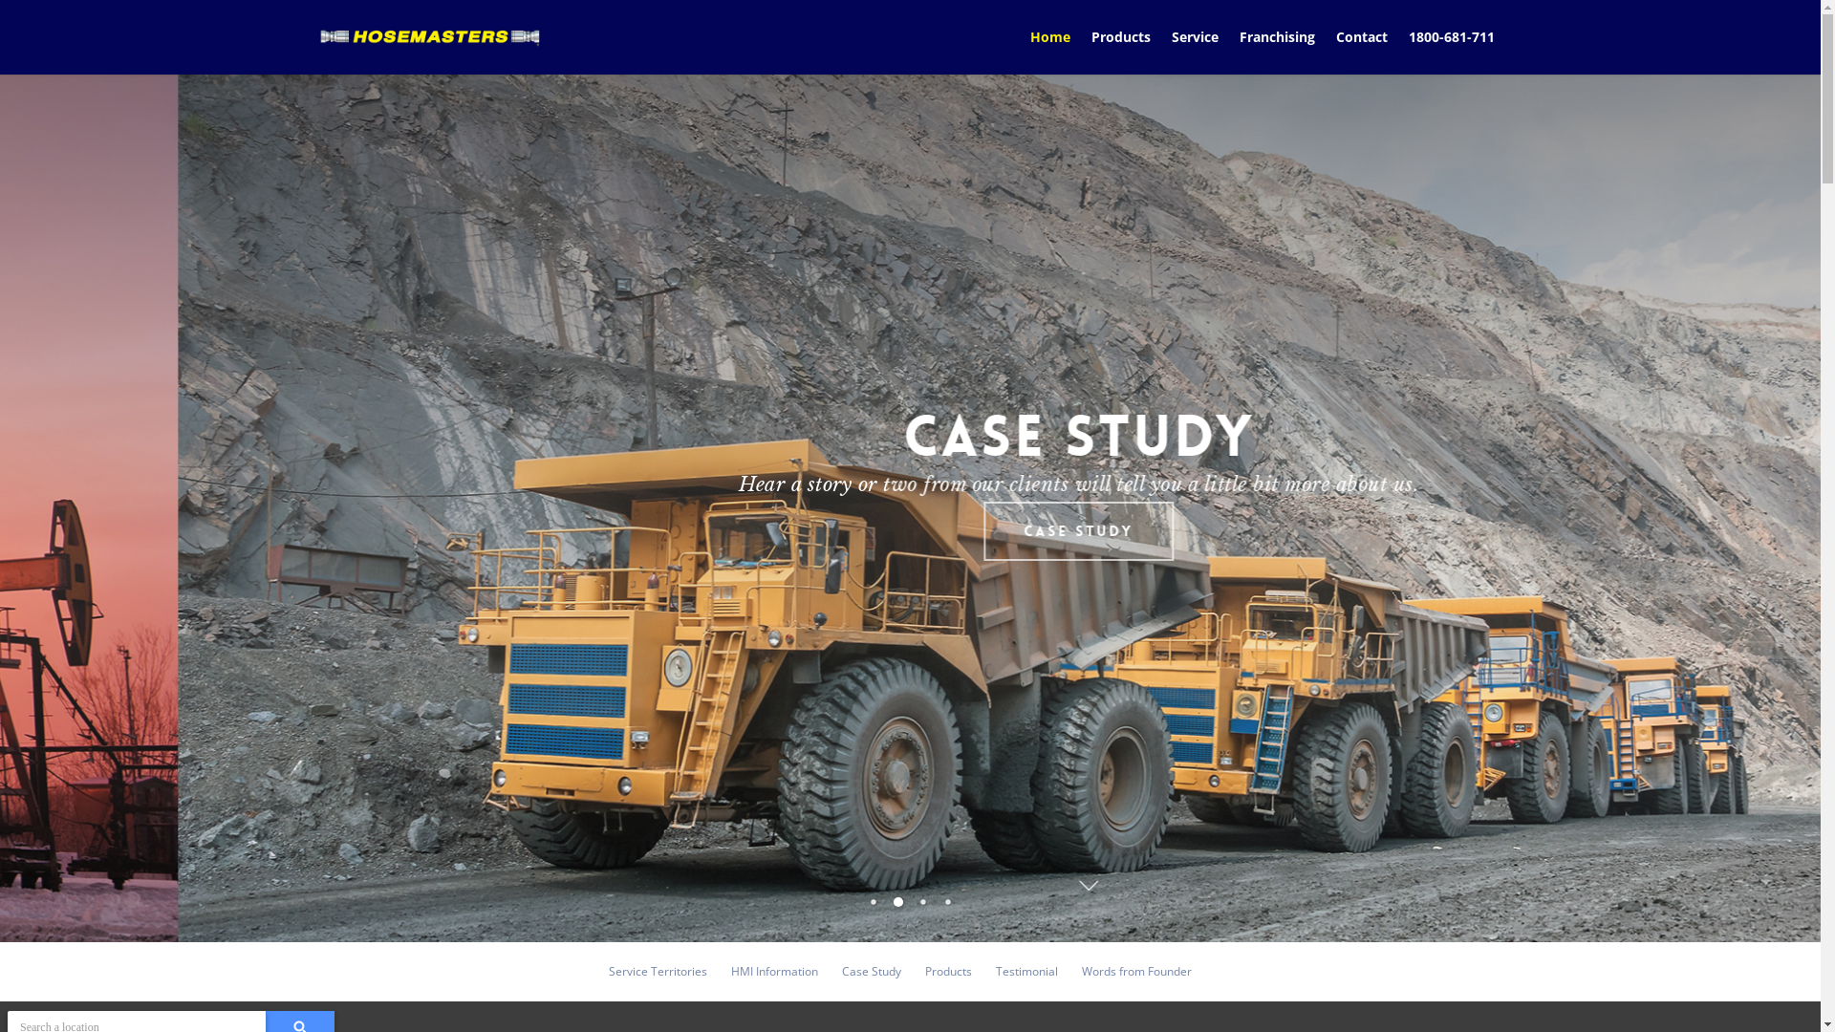  Describe the element at coordinates (1120, 50) in the screenshot. I see `'Products'` at that location.